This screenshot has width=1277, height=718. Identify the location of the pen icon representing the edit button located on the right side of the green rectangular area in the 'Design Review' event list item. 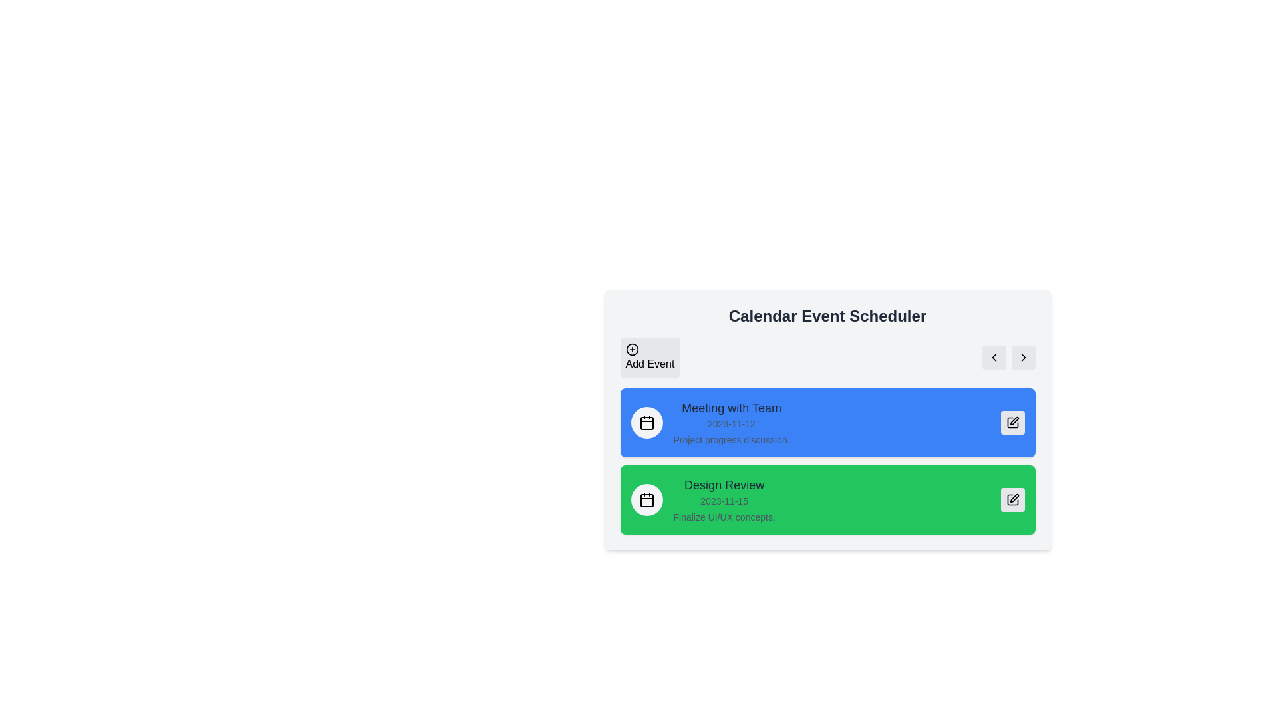
(1014, 498).